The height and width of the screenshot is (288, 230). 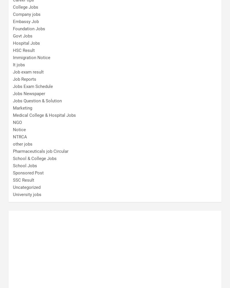 What do you see at coordinates (13, 194) in the screenshot?
I see `'University jobs'` at bounding box center [13, 194].